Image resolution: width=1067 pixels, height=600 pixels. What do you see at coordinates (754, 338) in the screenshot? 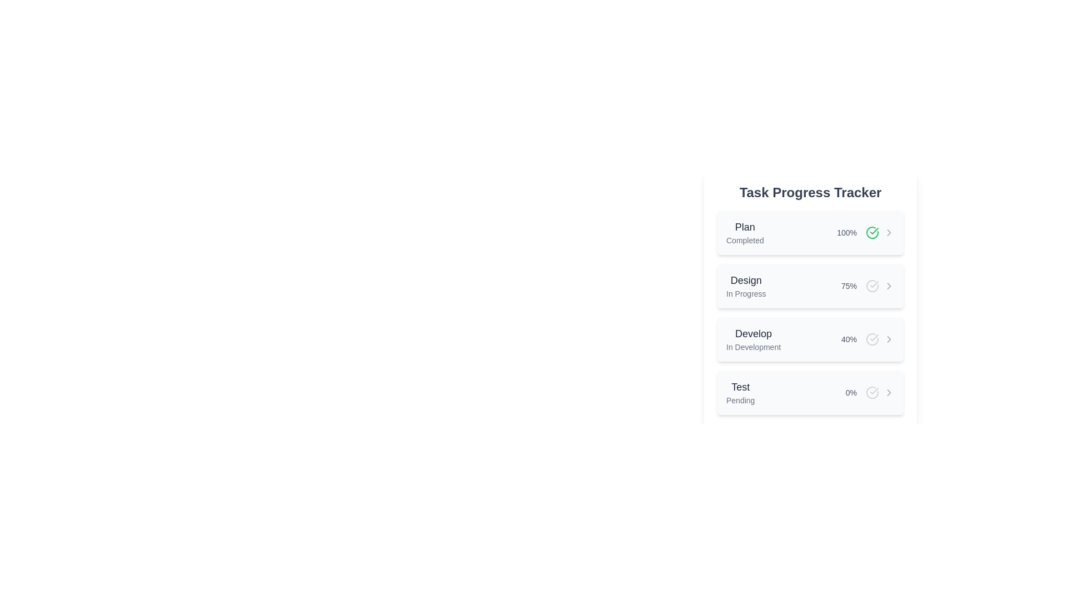
I see `text label indicating the task's current state and category located in the third row of the vertical list of cards under 'Task Progress Tracker'` at bounding box center [754, 338].